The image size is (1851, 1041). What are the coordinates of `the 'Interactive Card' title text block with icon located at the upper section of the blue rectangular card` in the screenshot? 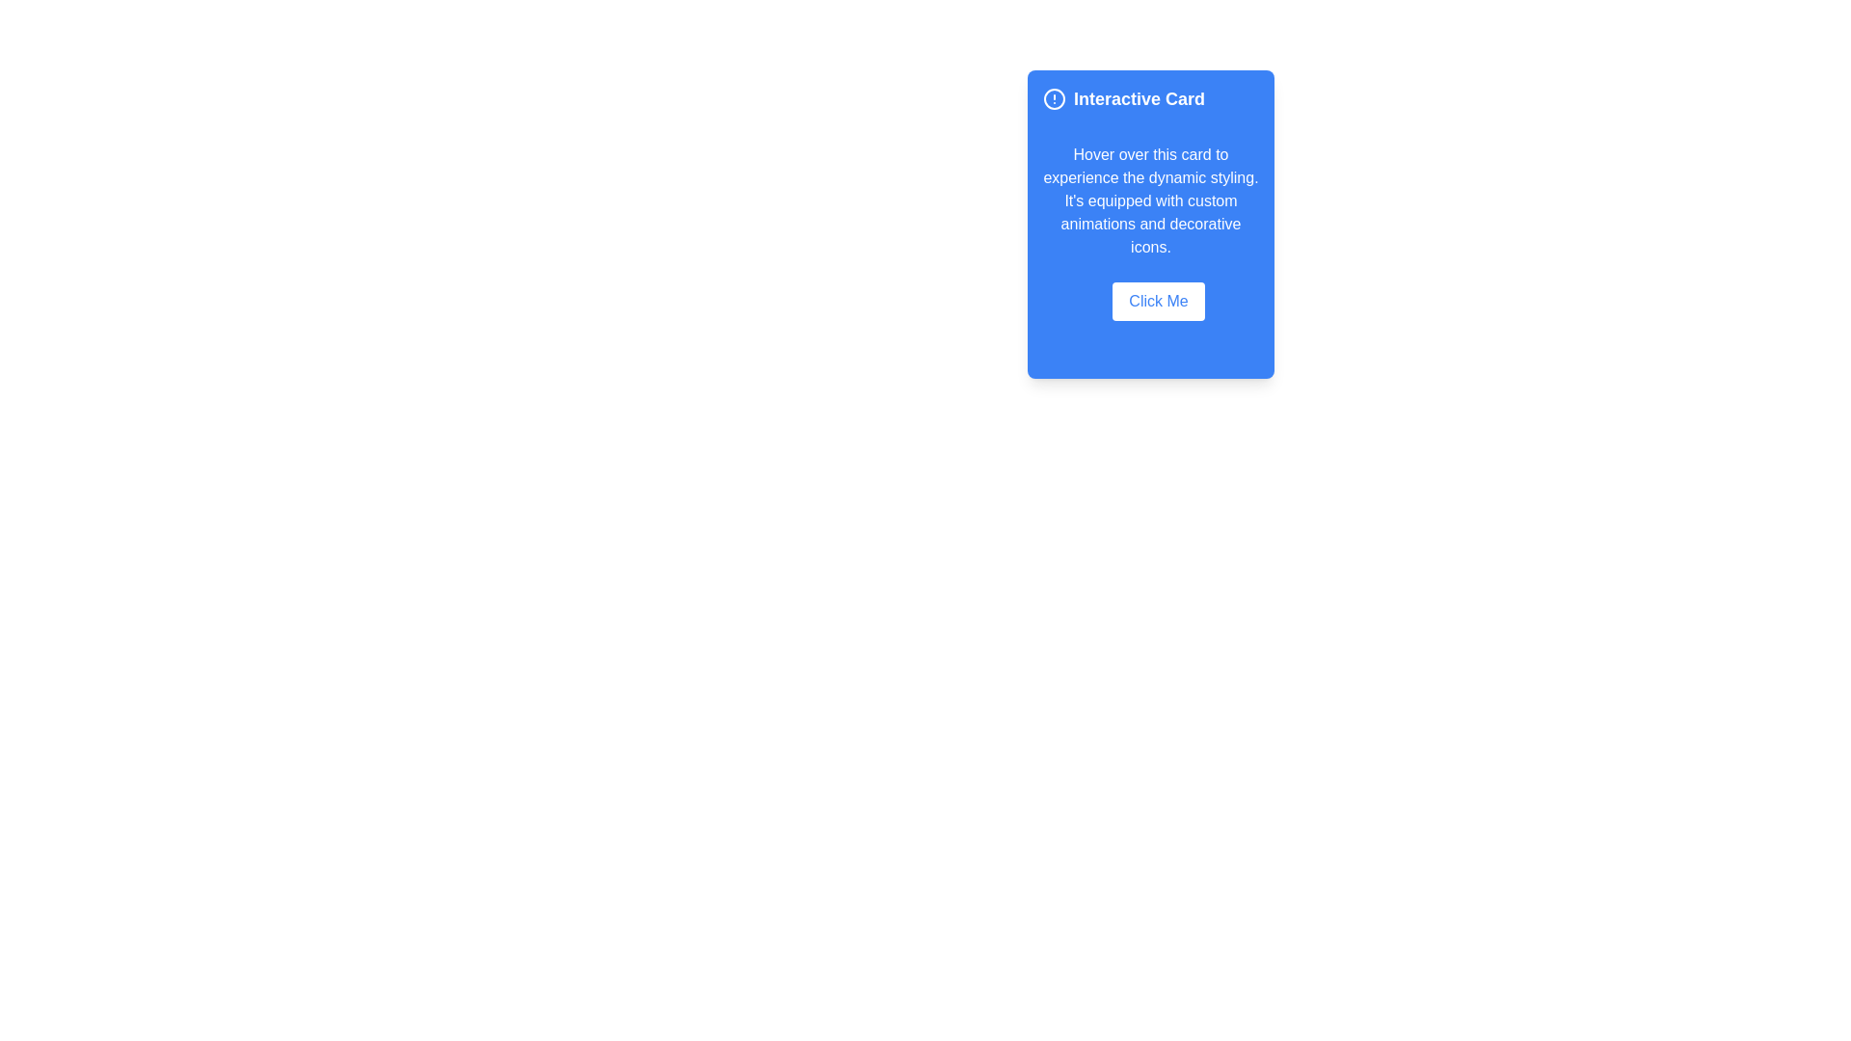 It's located at (1151, 99).